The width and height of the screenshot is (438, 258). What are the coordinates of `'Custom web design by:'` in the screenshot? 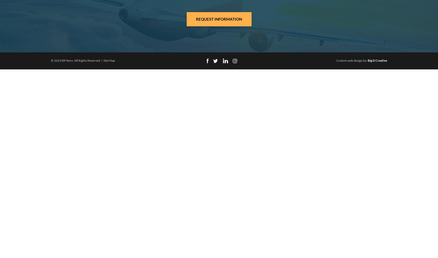 It's located at (336, 60).